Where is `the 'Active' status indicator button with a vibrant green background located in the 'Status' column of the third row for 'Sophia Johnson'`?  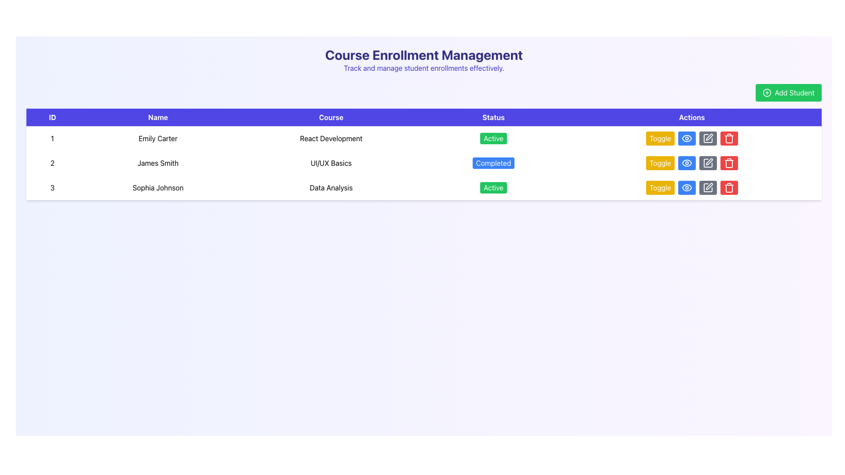
the 'Active' status indicator button with a vibrant green background located in the 'Status' column of the third row for 'Sophia Johnson' is located at coordinates (493, 187).